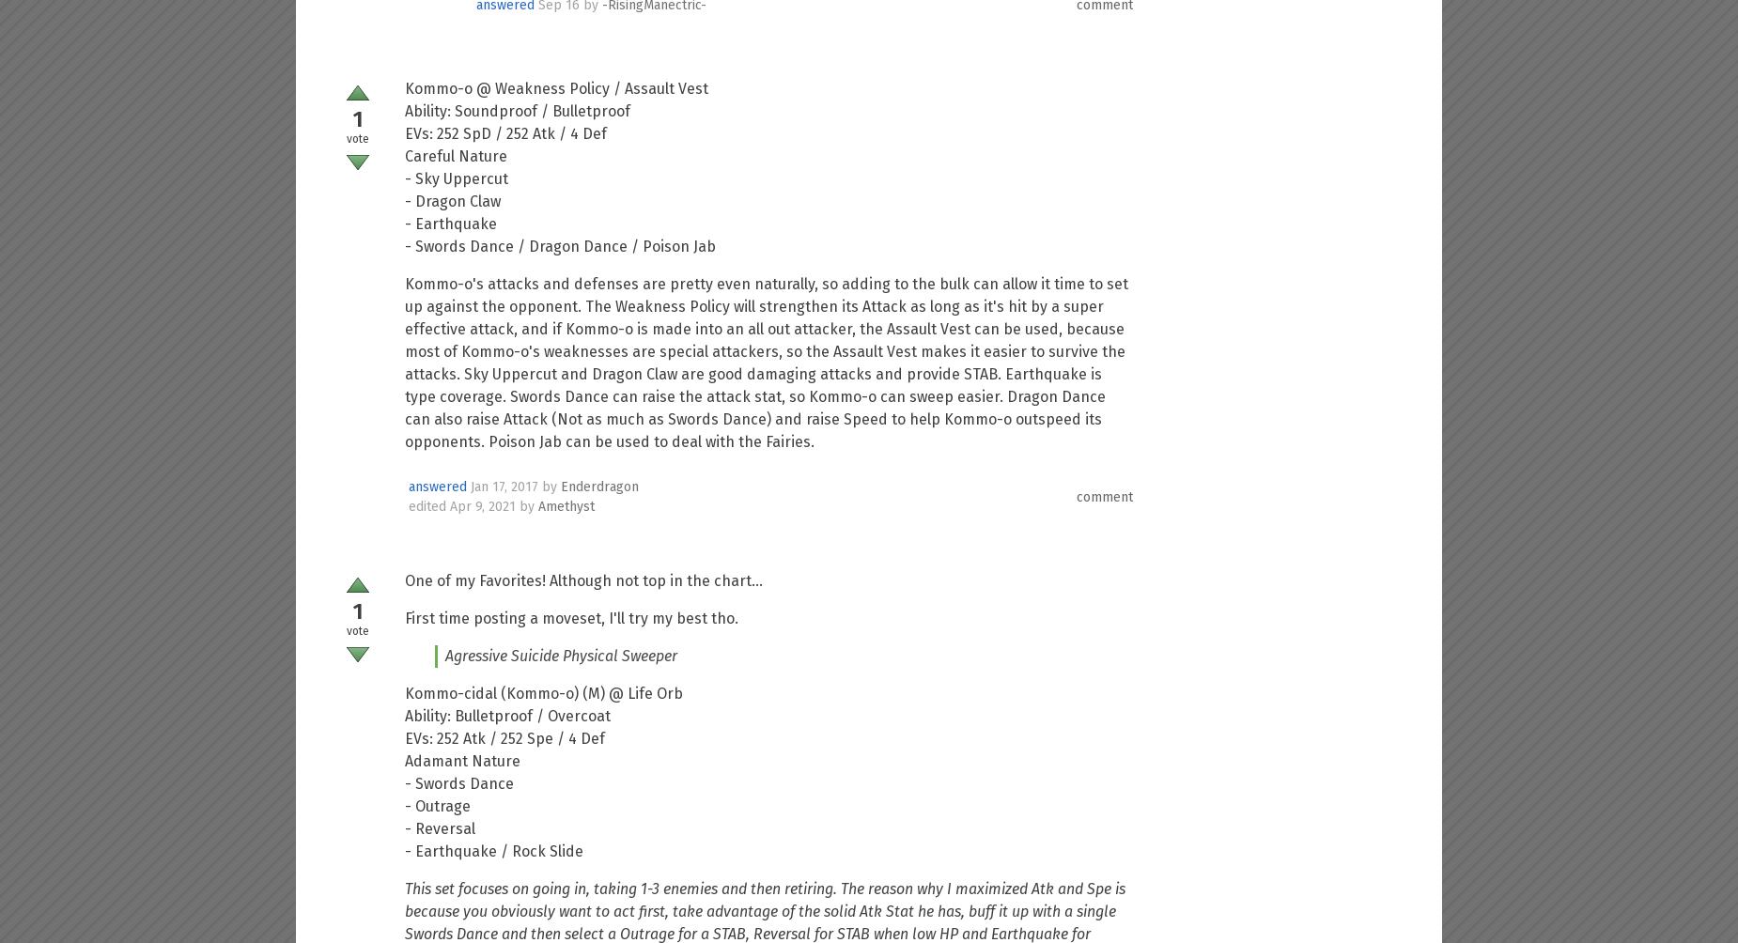 This screenshot has width=1738, height=943. What do you see at coordinates (544, 692) in the screenshot?
I see `'Kommo-cidal (Kommo-o) (M) @ Life Orb'` at bounding box center [544, 692].